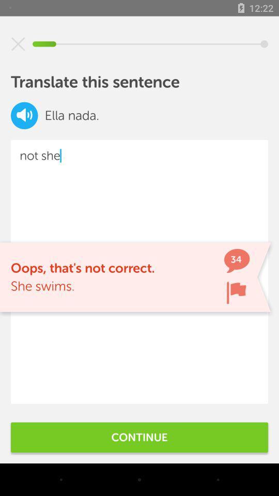 This screenshot has width=279, height=496. Describe the element at coordinates (139, 271) in the screenshot. I see `the not she icon` at that location.